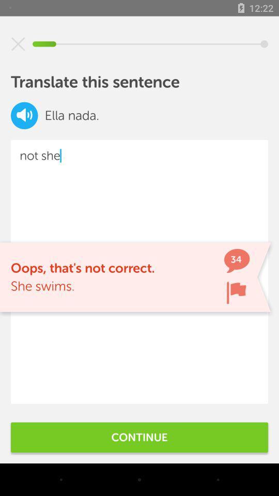 This screenshot has width=279, height=496. Describe the element at coordinates (139, 271) in the screenshot. I see `the not she icon` at that location.